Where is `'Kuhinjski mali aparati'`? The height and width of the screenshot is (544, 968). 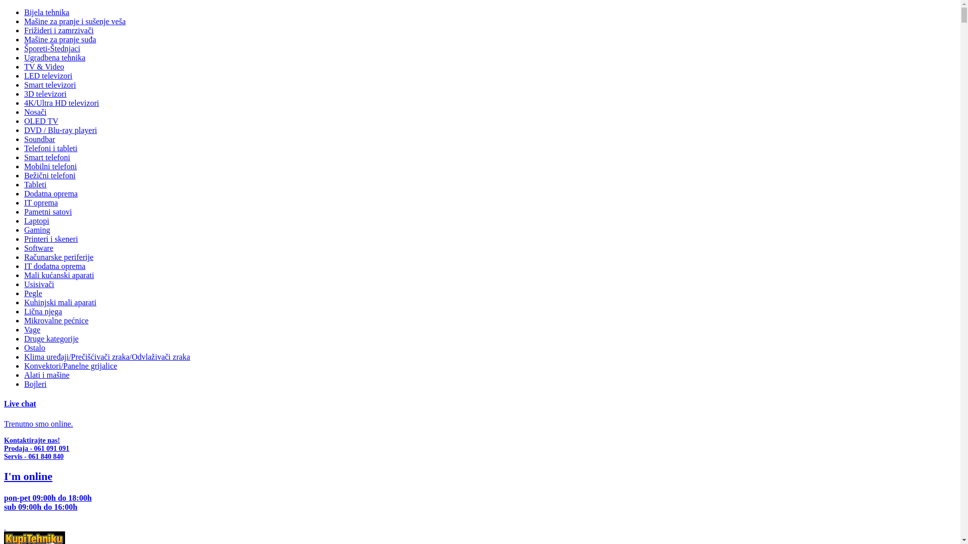 'Kuhinjski mali aparati' is located at coordinates (59, 302).